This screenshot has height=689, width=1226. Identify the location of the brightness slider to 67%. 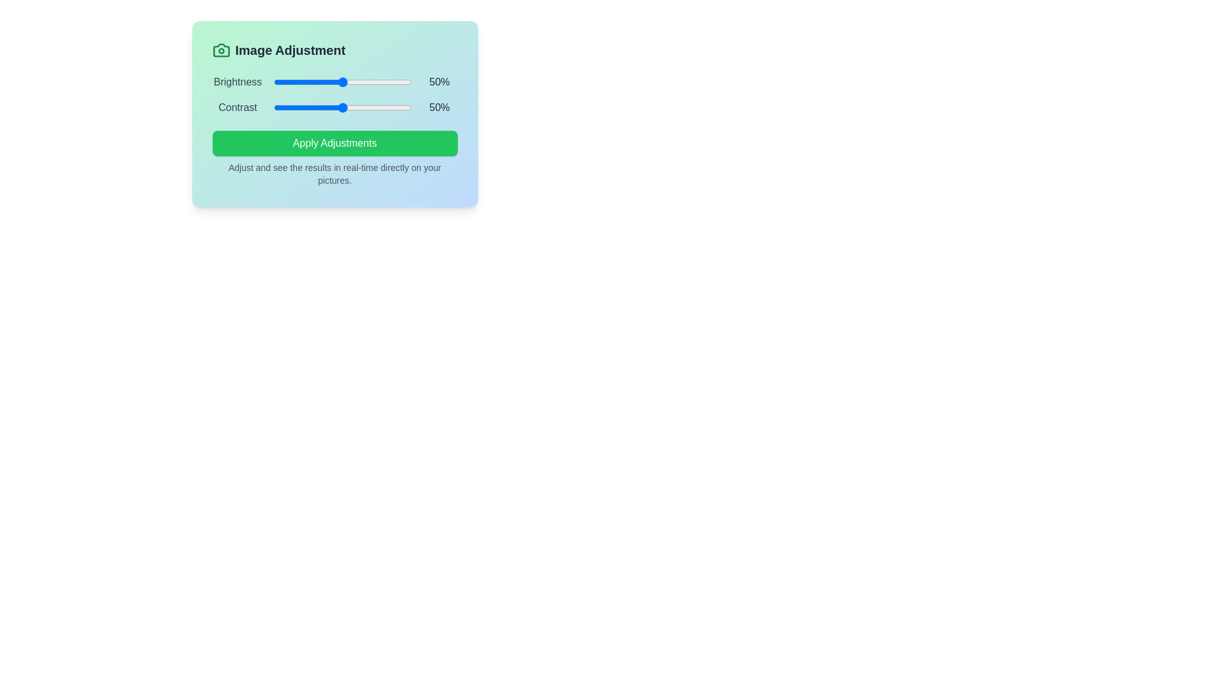
(365, 82).